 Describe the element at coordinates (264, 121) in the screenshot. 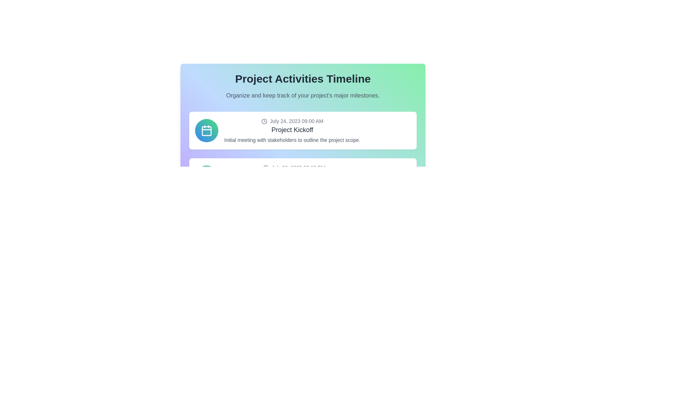

I see `the clock icon located to the left of the text 'July 24, 2023 09:00 AM' in the timeline entry` at that location.